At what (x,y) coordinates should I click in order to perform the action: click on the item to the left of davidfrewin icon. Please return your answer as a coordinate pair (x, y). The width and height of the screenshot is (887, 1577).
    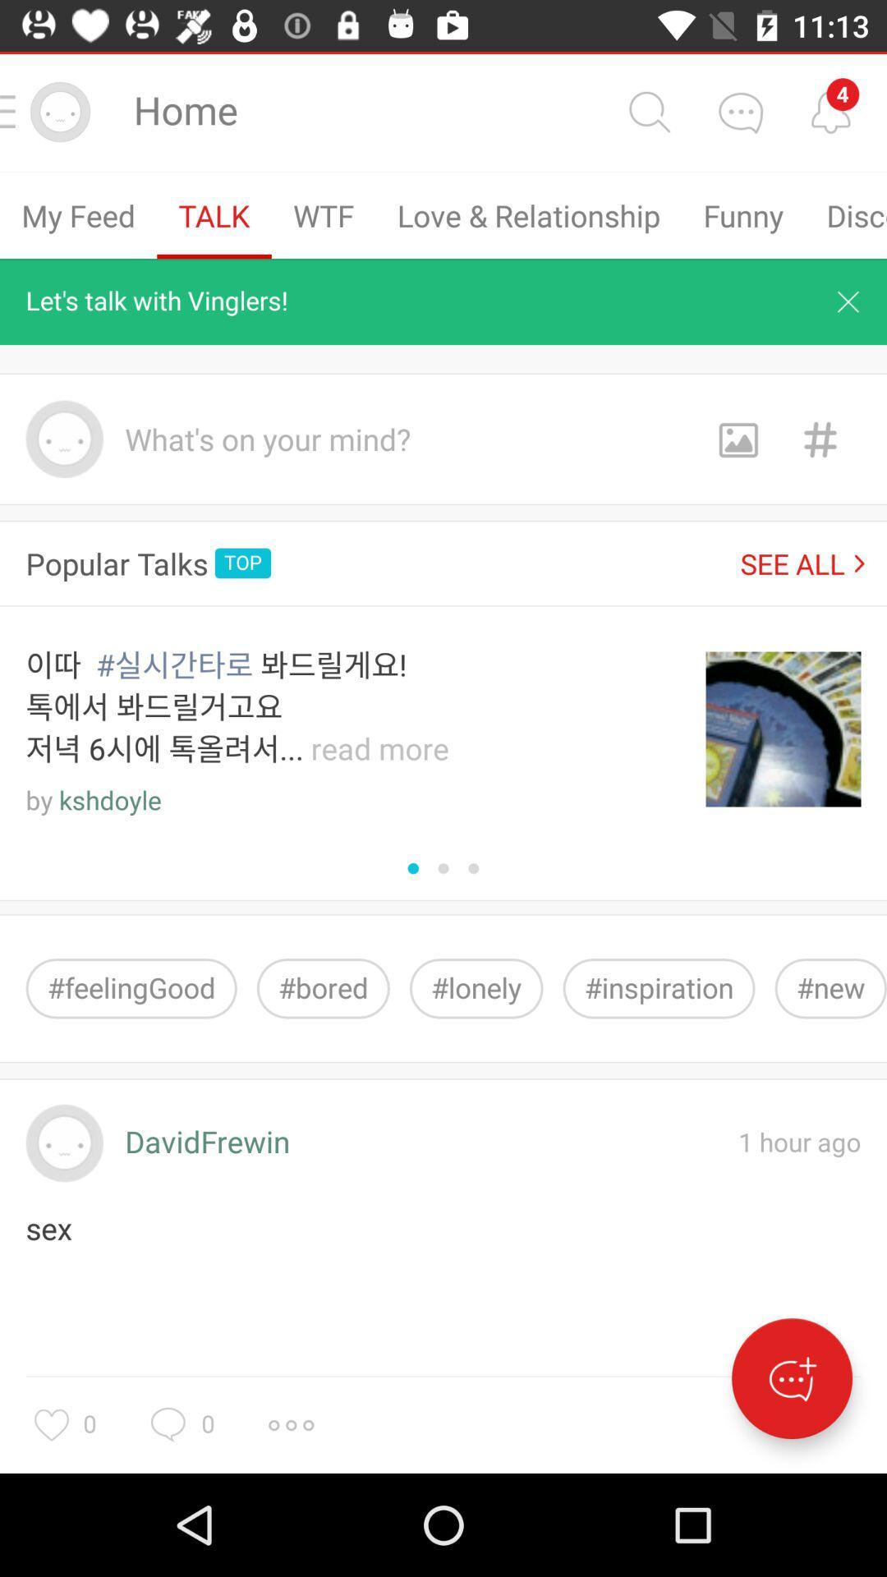
    Looking at the image, I should click on (63, 1143).